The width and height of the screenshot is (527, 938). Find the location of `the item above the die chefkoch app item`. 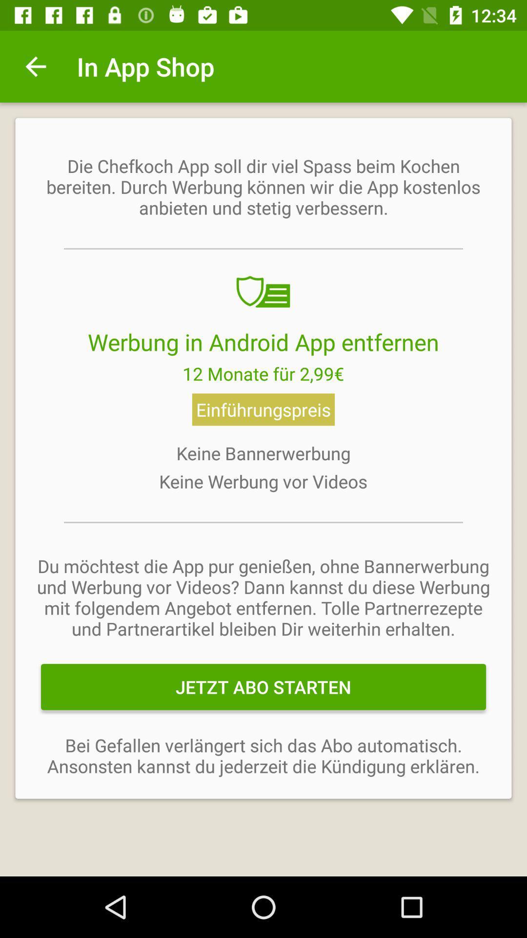

the item above the die chefkoch app item is located at coordinates (35, 66).